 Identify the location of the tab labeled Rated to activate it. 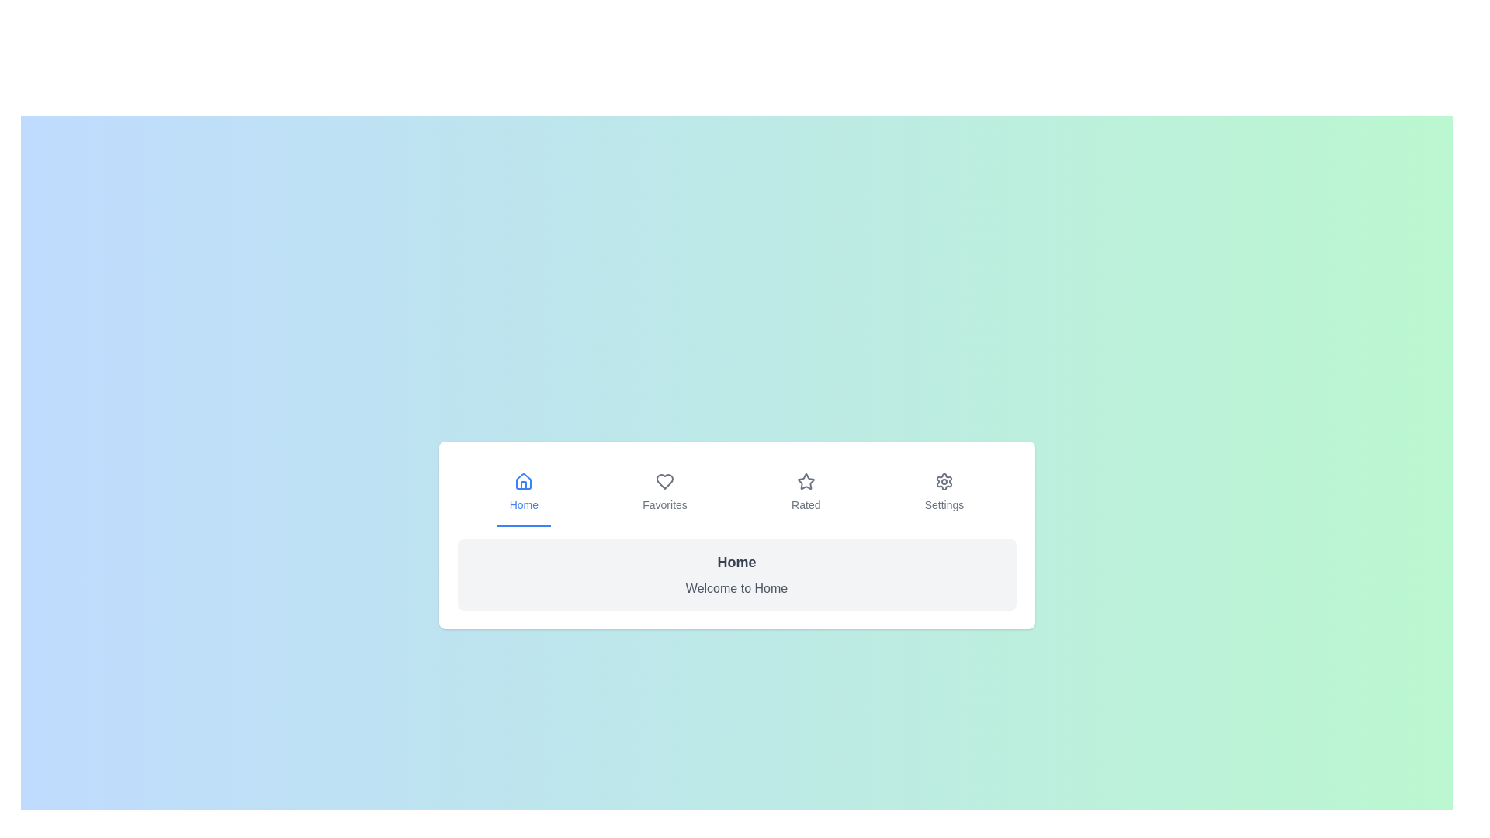
(806, 493).